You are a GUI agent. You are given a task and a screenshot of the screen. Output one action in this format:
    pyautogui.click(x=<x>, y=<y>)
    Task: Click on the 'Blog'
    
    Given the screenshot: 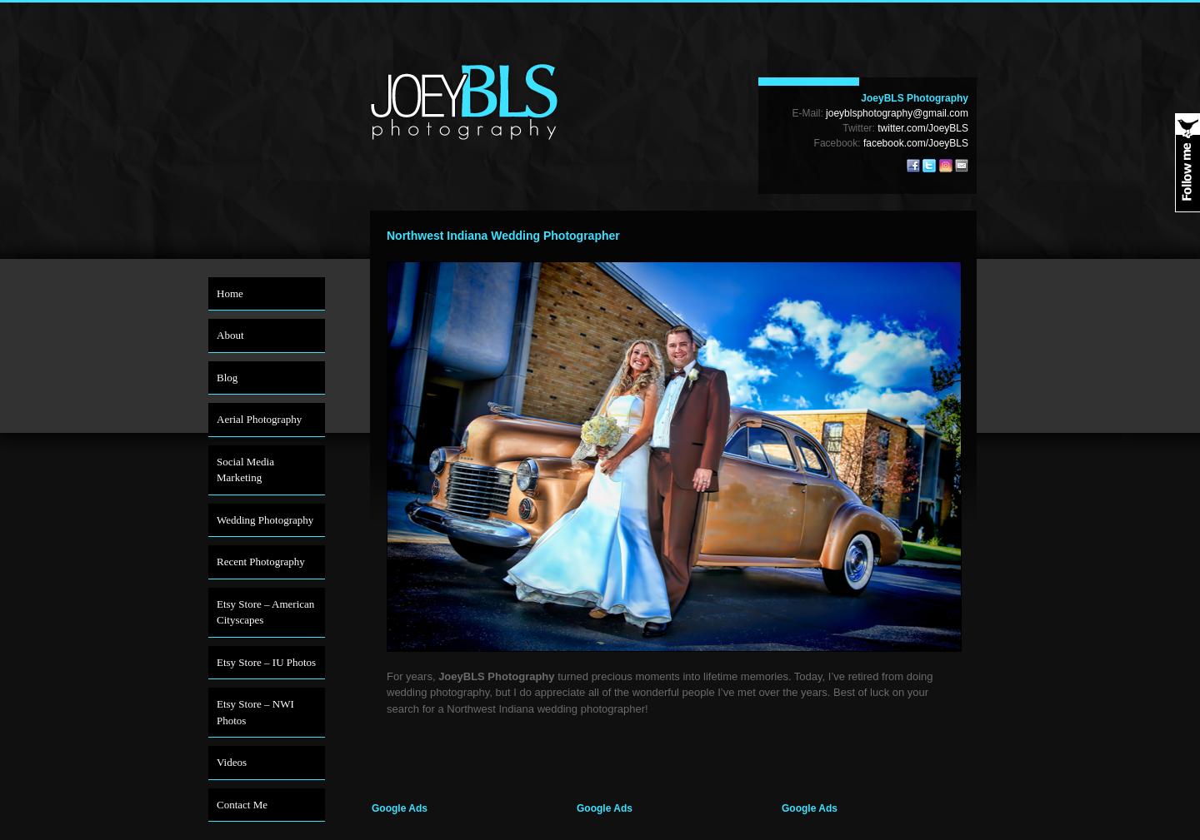 What is the action you would take?
    pyautogui.click(x=216, y=375)
    